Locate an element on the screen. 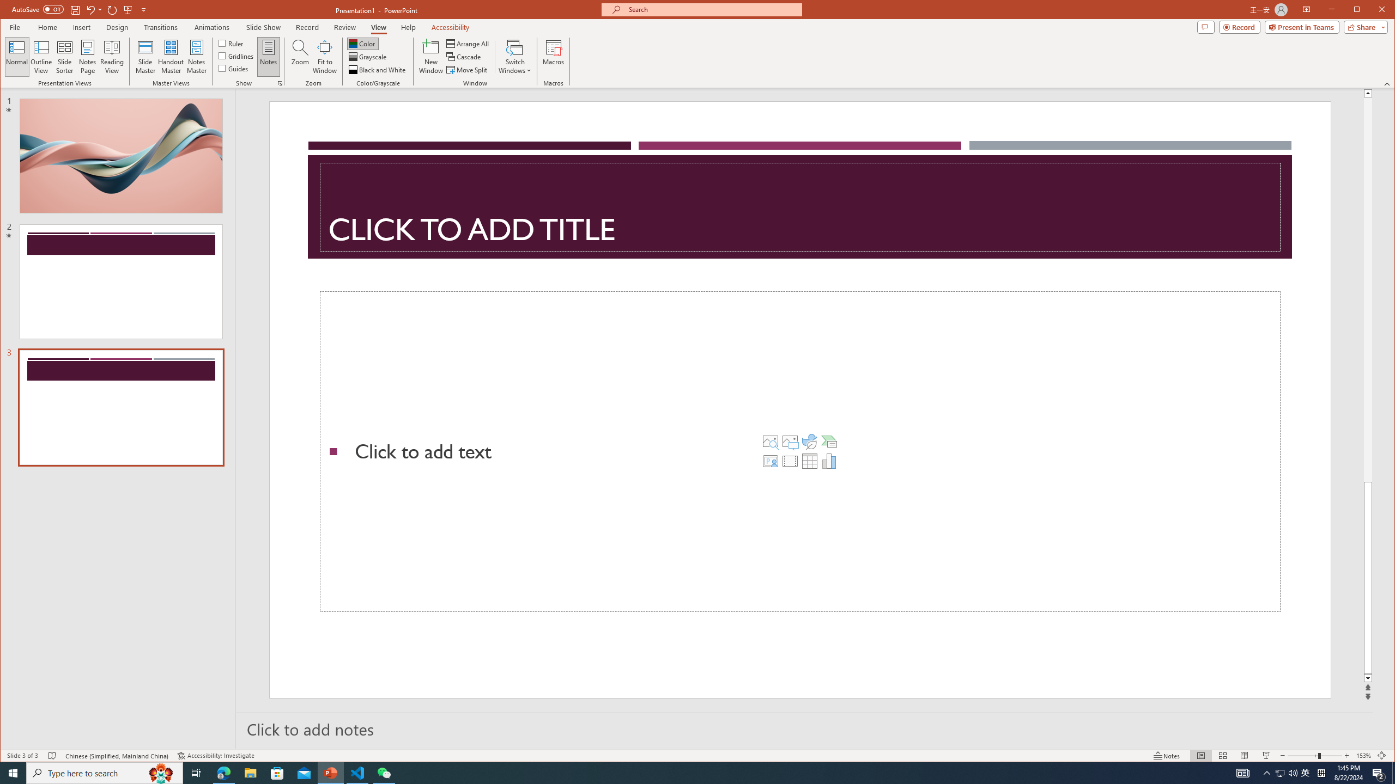 This screenshot has height=784, width=1395. 'Black and White' is located at coordinates (377, 69).